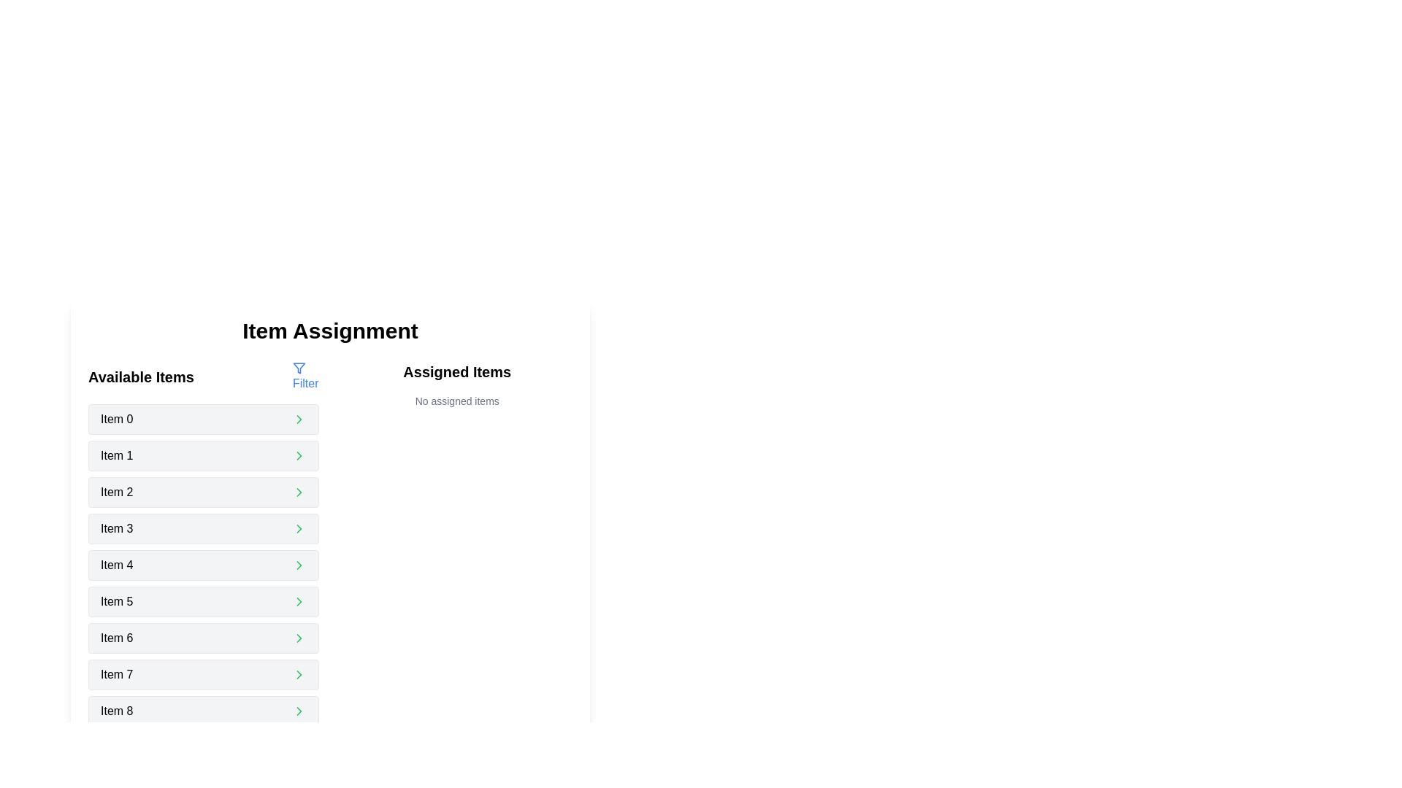 Image resolution: width=1402 pixels, height=788 pixels. I want to click on the chevron arrow icon indicating navigation for 'Item 7' in the 'Available Items' list, so click(298, 675).